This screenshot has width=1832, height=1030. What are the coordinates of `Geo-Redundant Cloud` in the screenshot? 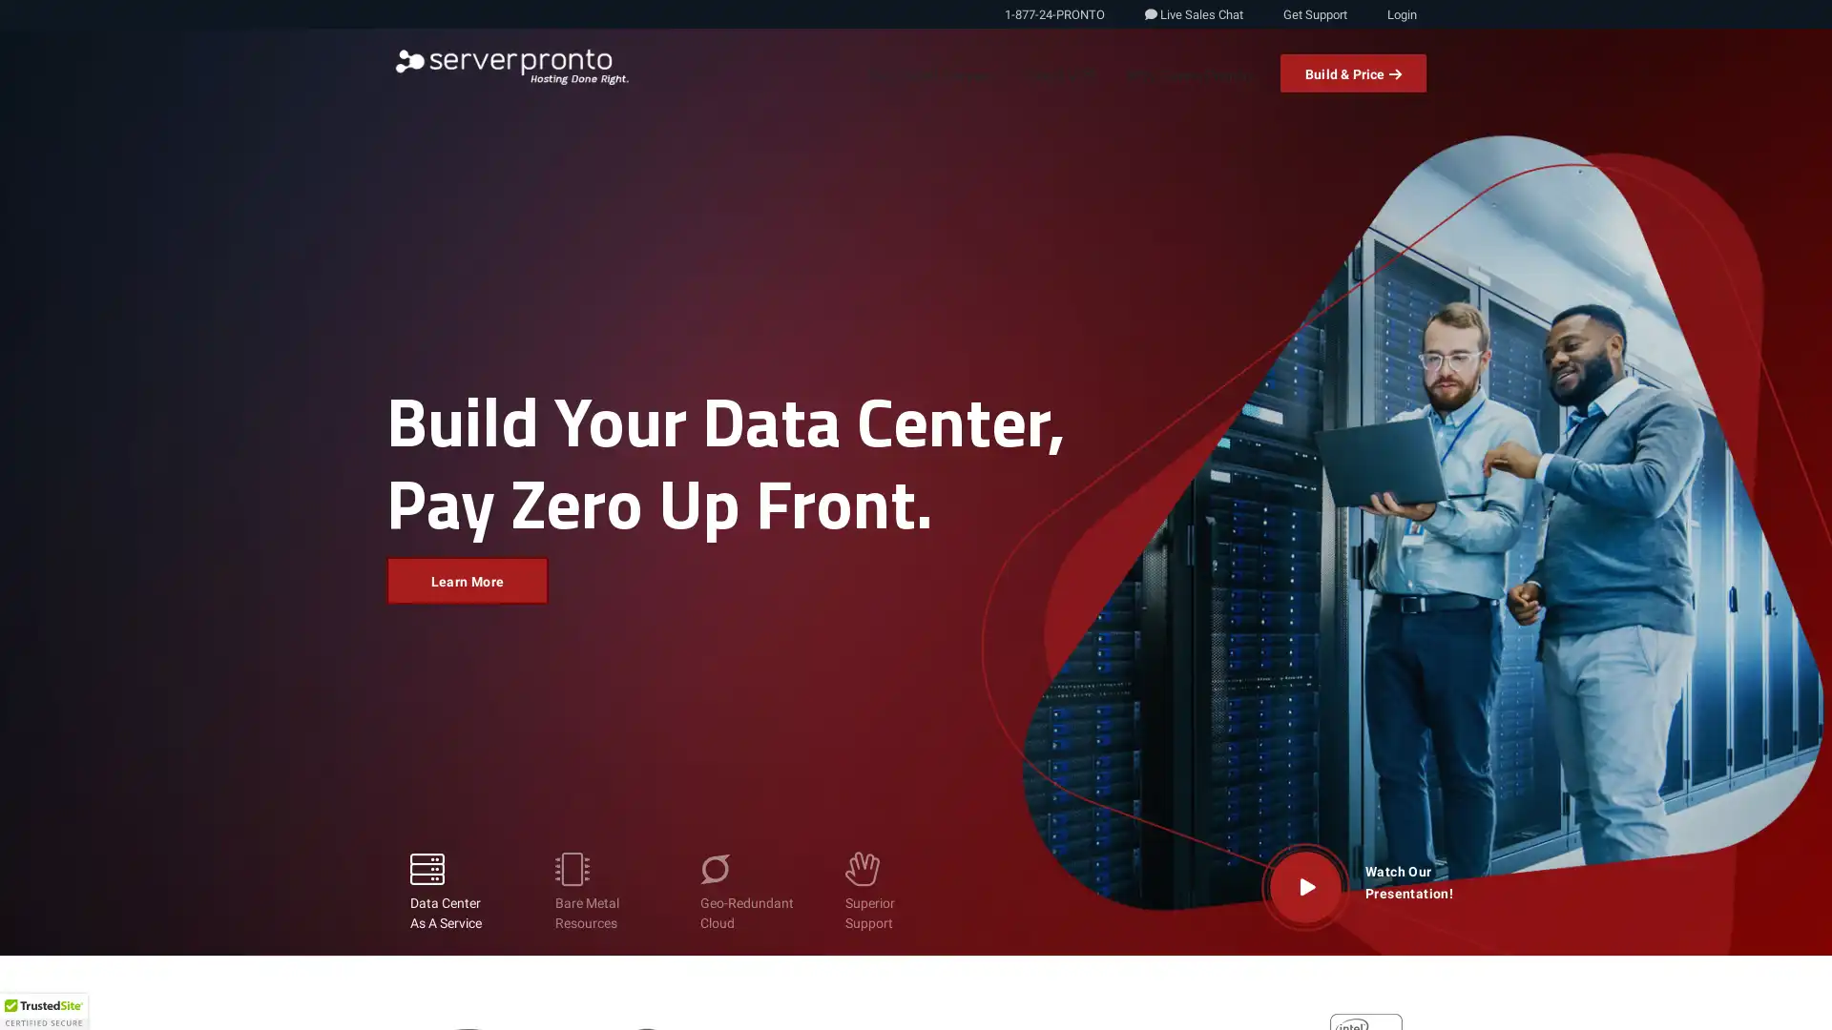 It's located at (746, 893).